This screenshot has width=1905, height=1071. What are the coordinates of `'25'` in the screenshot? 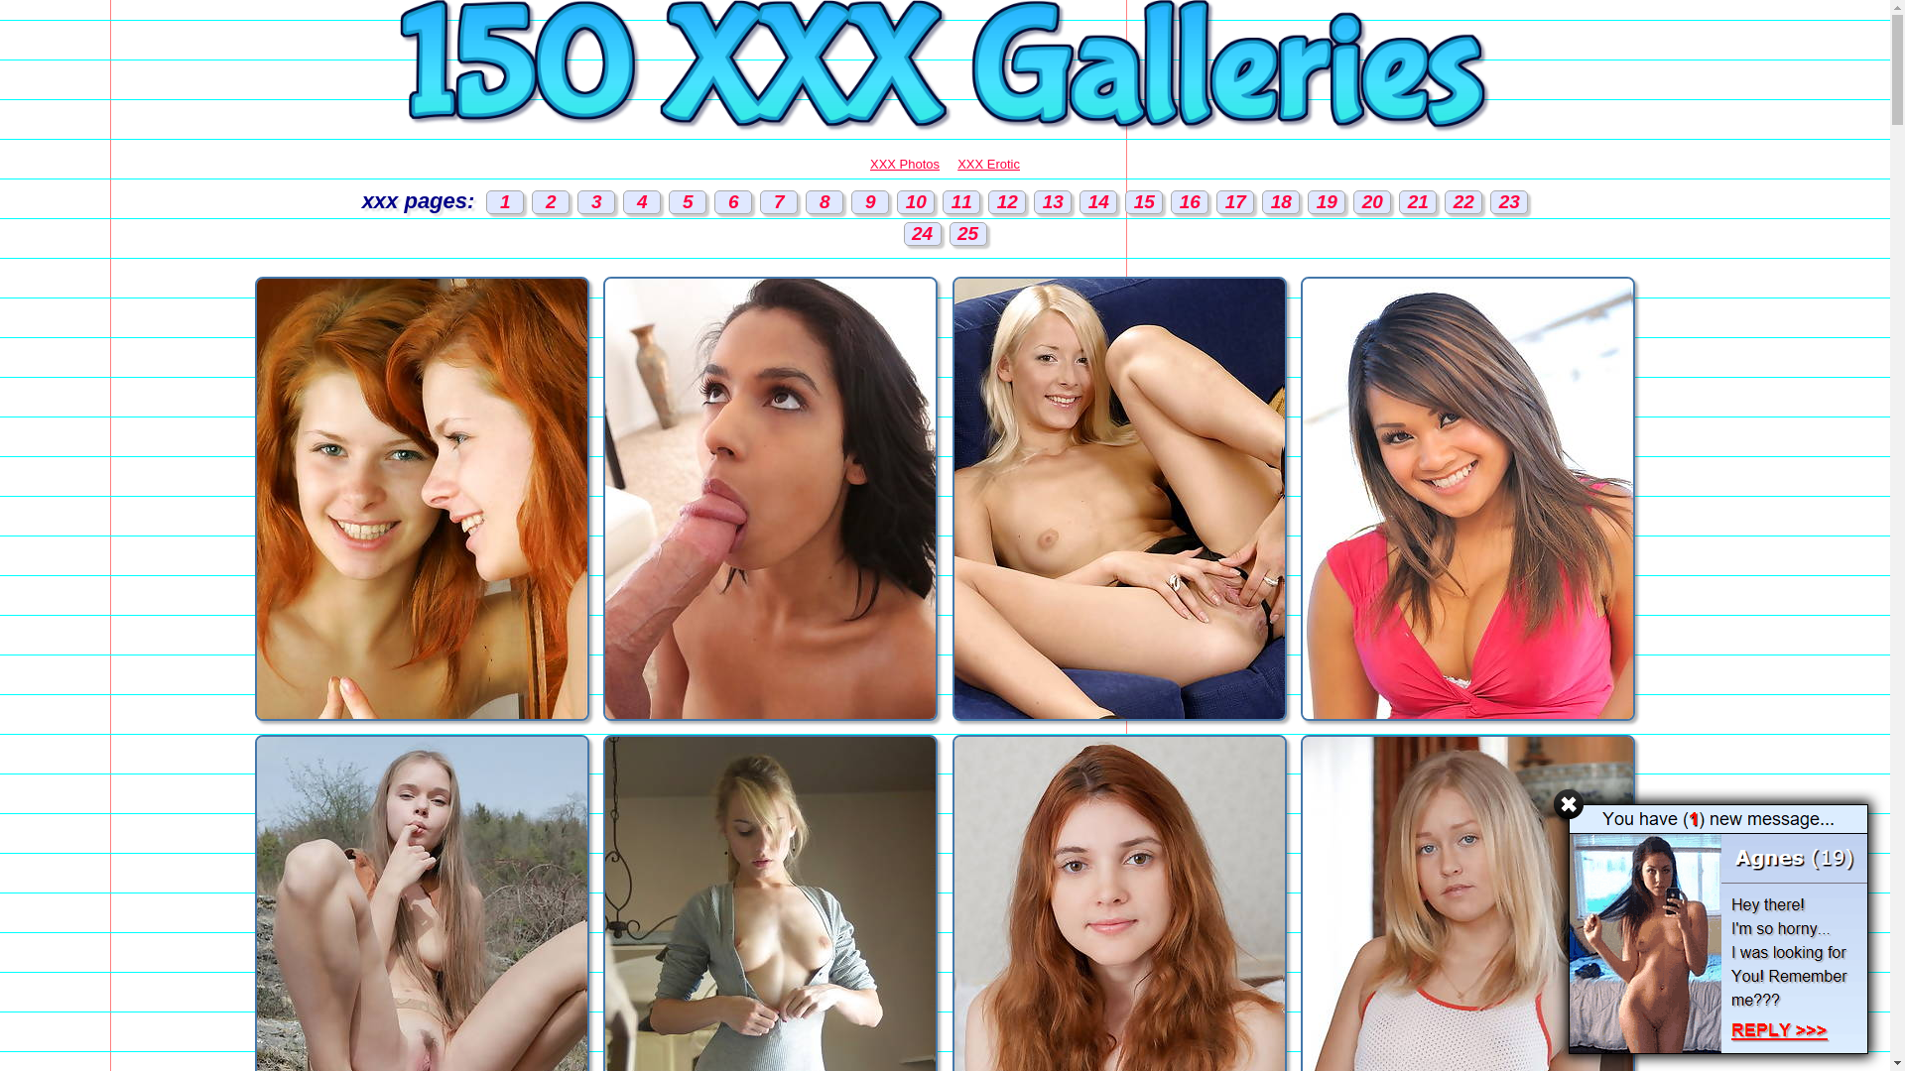 It's located at (966, 232).